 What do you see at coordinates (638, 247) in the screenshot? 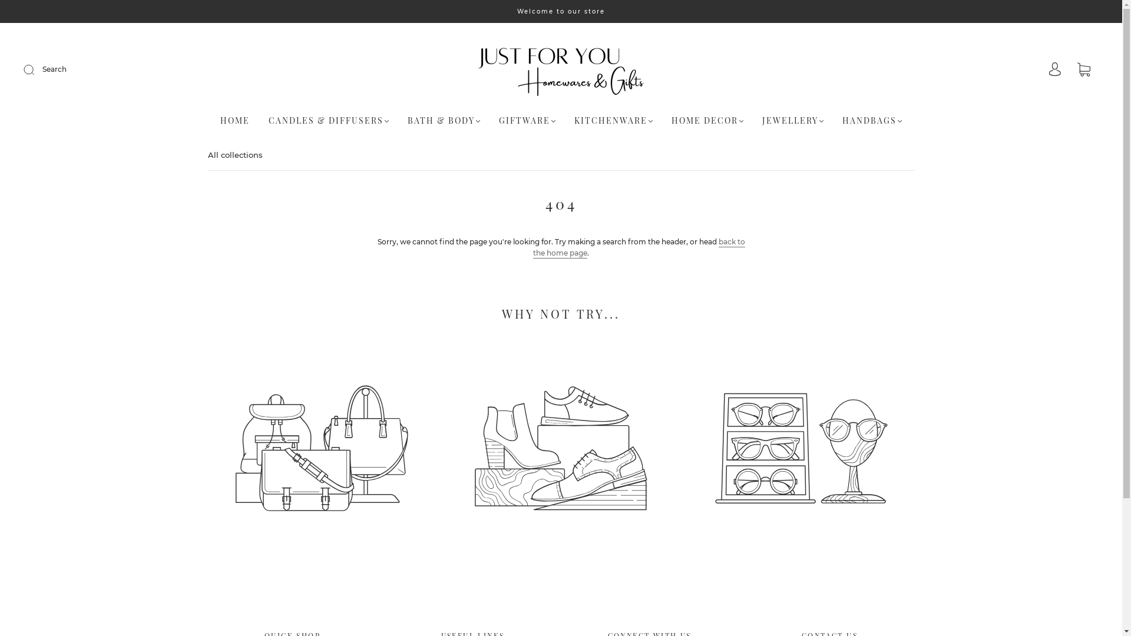
I see `'back to the home page'` at bounding box center [638, 247].